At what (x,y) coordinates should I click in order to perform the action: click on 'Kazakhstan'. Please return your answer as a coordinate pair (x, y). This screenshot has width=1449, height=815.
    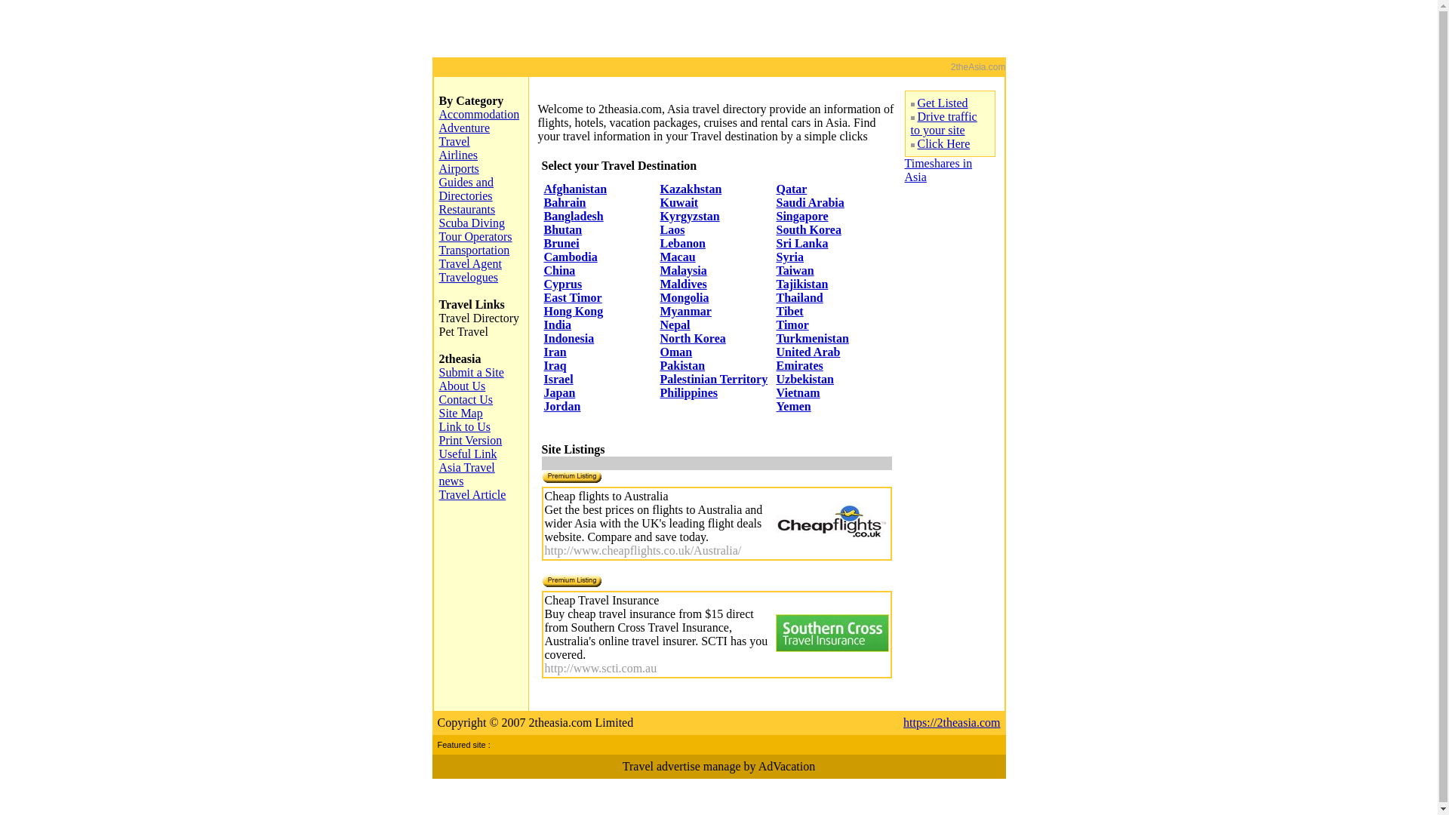
    Looking at the image, I should click on (690, 188).